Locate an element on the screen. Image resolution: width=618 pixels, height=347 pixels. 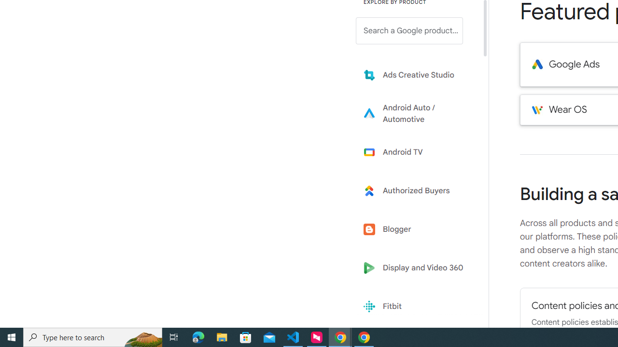
'Display and Video 360' is located at coordinates (416, 268).